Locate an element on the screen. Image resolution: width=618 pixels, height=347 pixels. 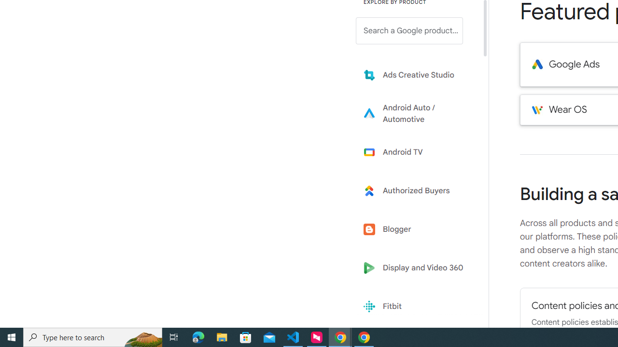
'Display and Video 360' is located at coordinates (416, 268).